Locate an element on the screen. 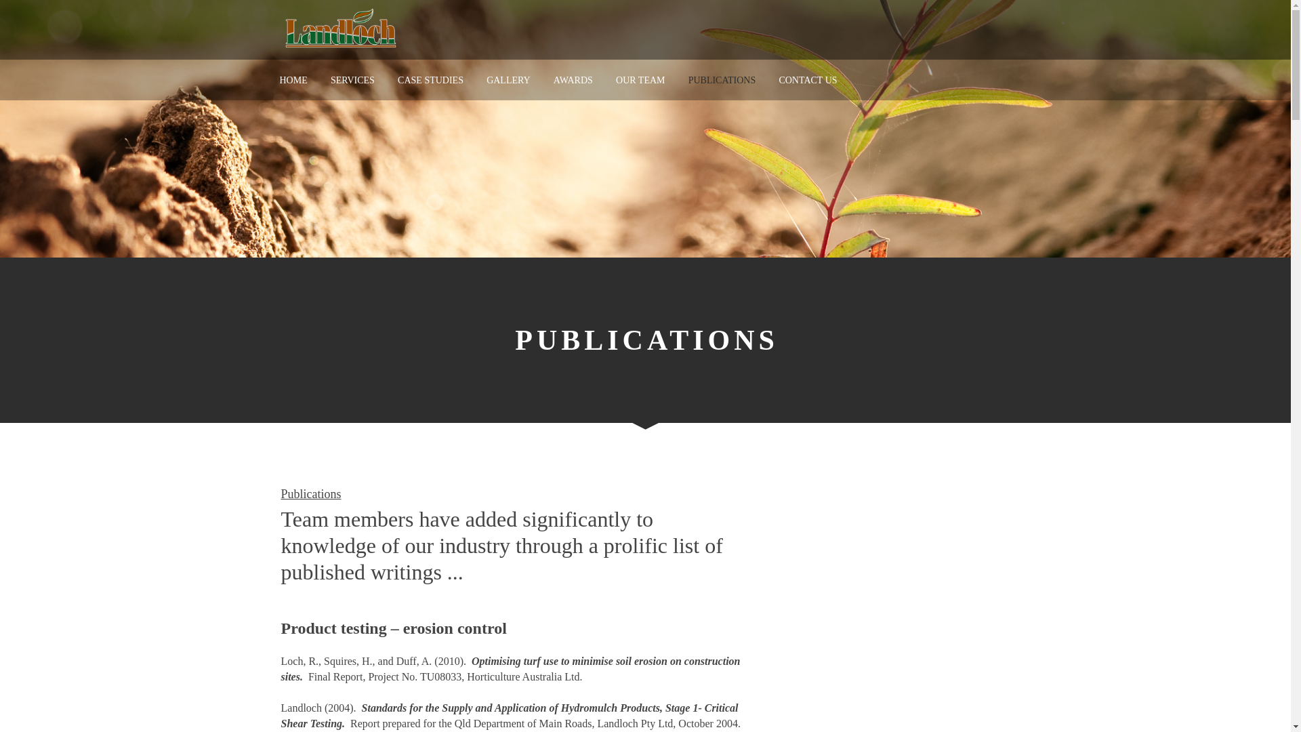 The image size is (1301, 732). 'CASE STUDIES' is located at coordinates (430, 80).